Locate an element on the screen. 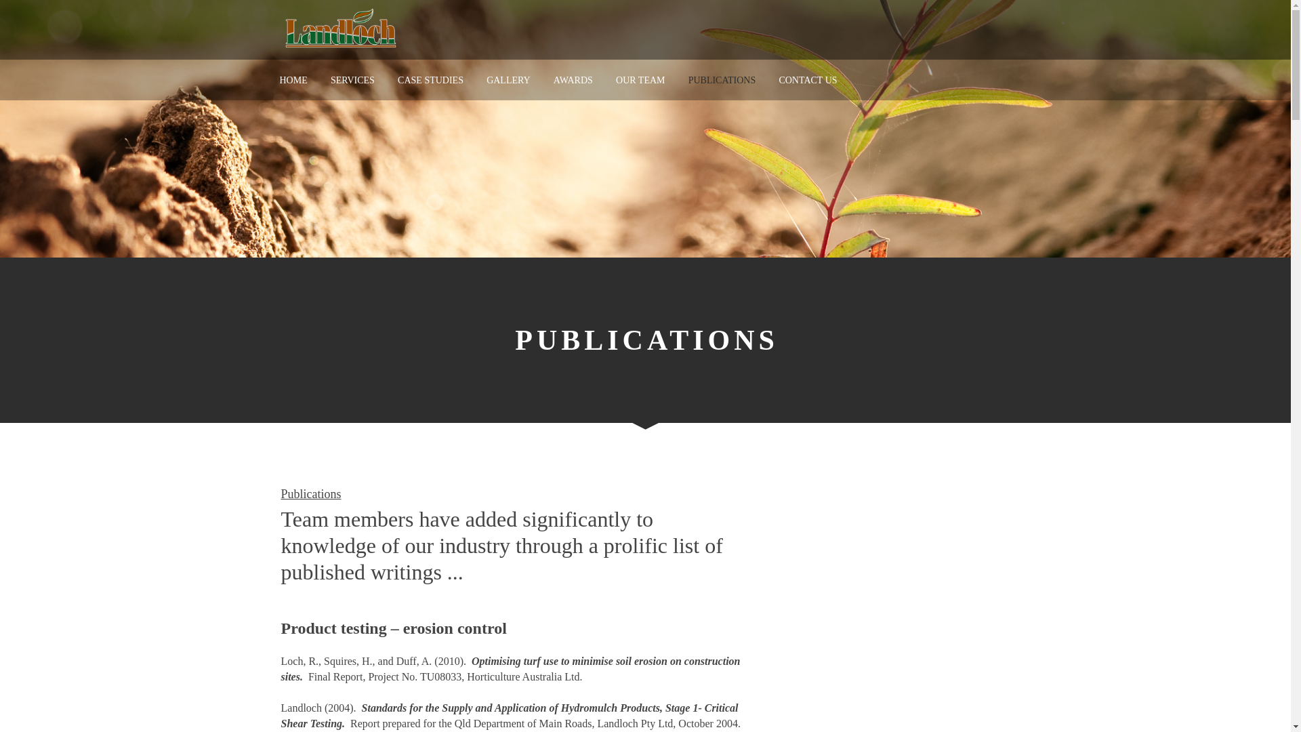 The image size is (1301, 732). 'CASE STUDIES' is located at coordinates (430, 80).